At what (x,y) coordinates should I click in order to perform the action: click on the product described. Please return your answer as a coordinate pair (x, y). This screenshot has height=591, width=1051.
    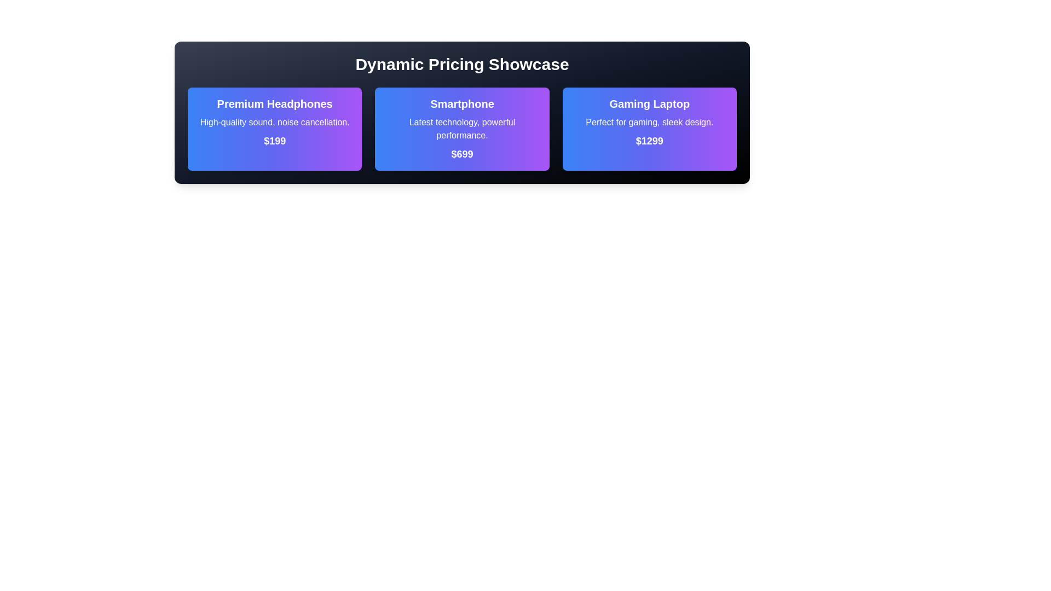
    Looking at the image, I should click on (649, 122).